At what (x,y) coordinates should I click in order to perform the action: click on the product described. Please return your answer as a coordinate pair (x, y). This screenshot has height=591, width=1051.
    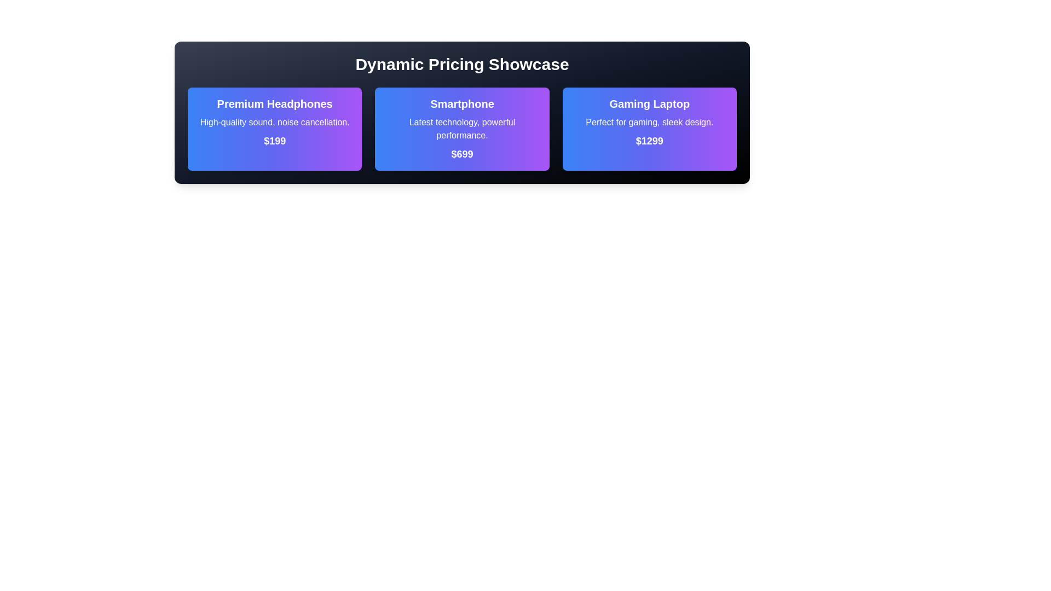
    Looking at the image, I should click on (649, 122).